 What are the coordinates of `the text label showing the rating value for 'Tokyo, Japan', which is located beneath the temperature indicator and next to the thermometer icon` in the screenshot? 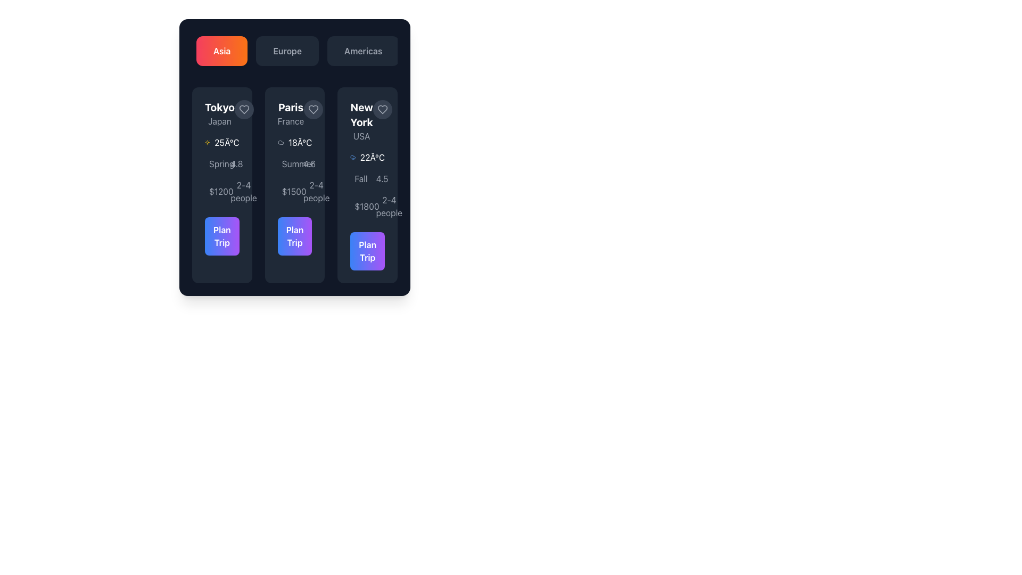 It's located at (236, 164).